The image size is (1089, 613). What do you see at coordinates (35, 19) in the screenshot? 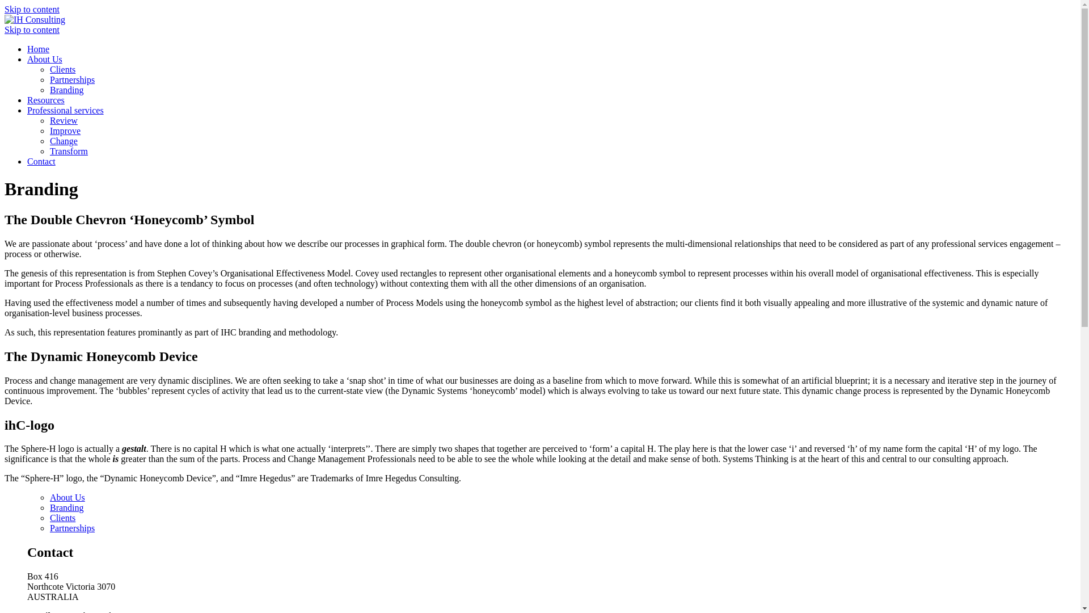
I see `'IH Consulting'` at bounding box center [35, 19].